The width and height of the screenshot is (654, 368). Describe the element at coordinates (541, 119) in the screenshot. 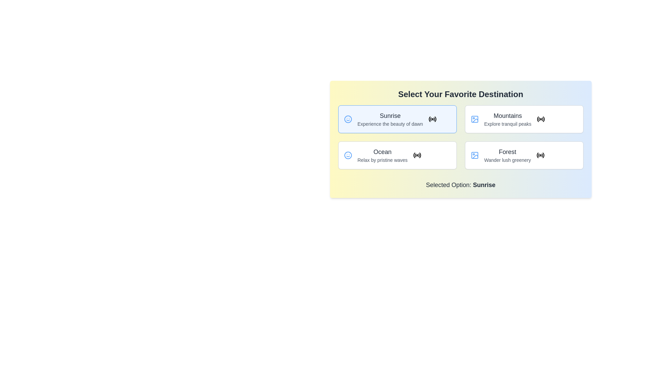

I see `the state of the 'Mountains' icon-style toggle or indicator located in the top-right quadrant under the 'Select Your Favorite Destination' section` at that location.